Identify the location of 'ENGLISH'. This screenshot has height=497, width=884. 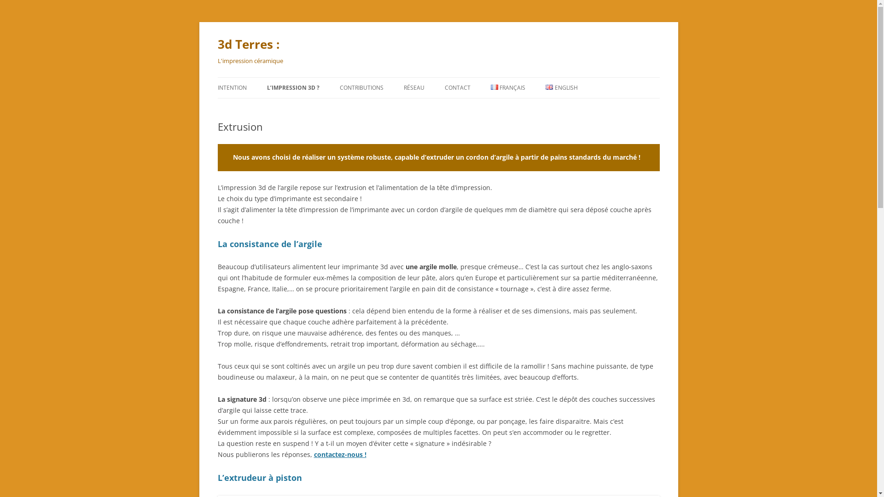
(561, 88).